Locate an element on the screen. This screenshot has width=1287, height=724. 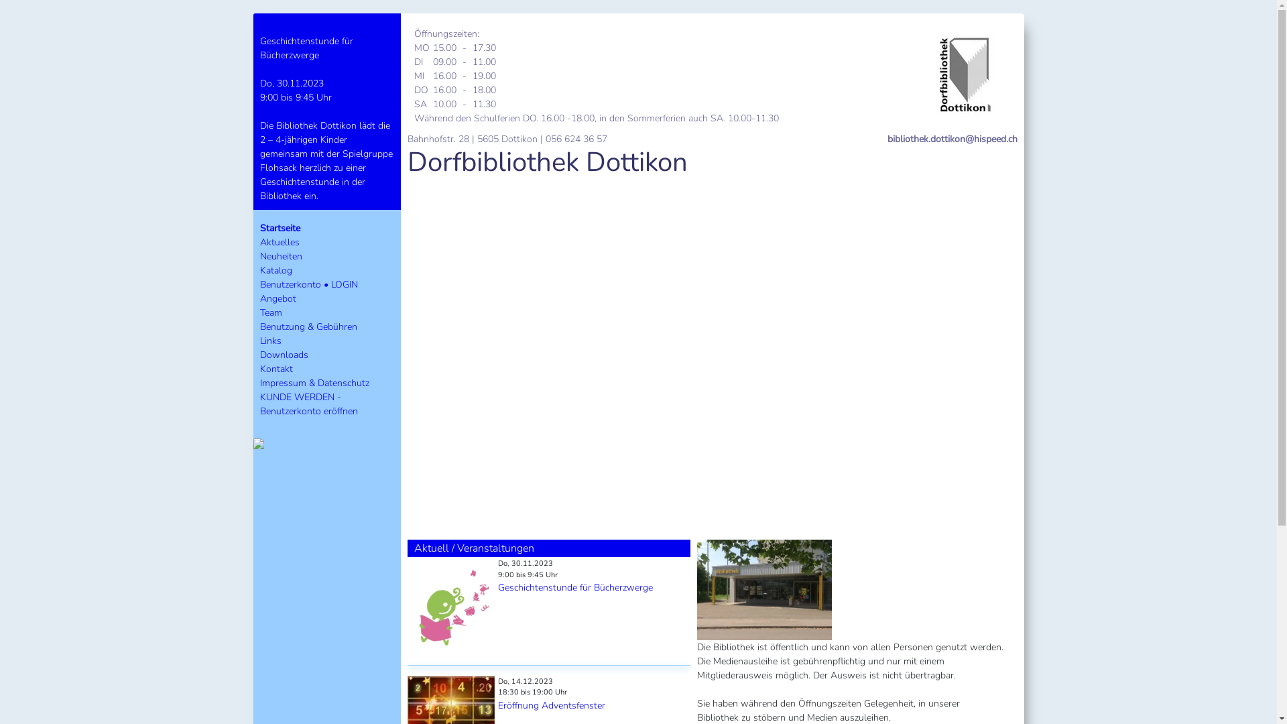
'Weiter' is located at coordinates (971, 351).